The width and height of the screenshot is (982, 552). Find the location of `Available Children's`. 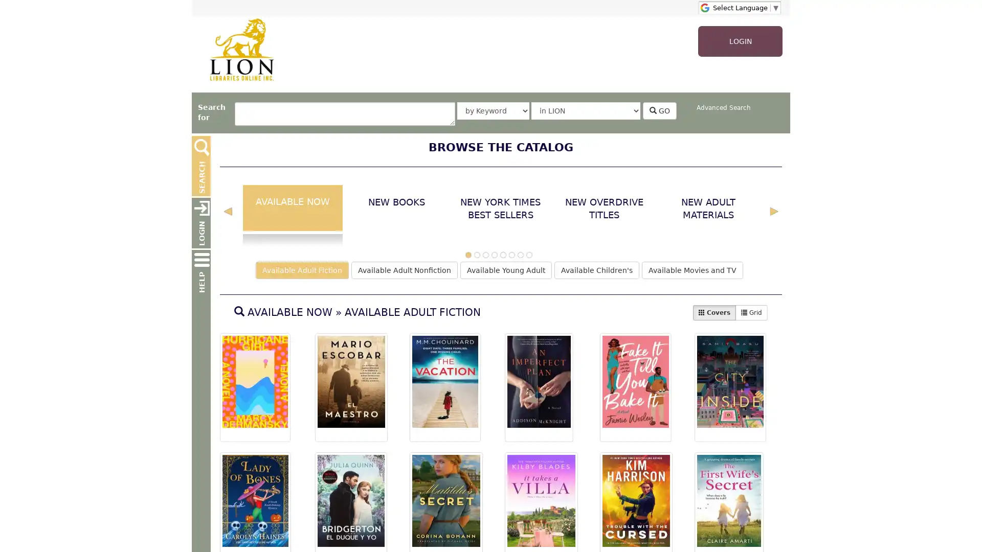

Available Children's is located at coordinates (596, 269).